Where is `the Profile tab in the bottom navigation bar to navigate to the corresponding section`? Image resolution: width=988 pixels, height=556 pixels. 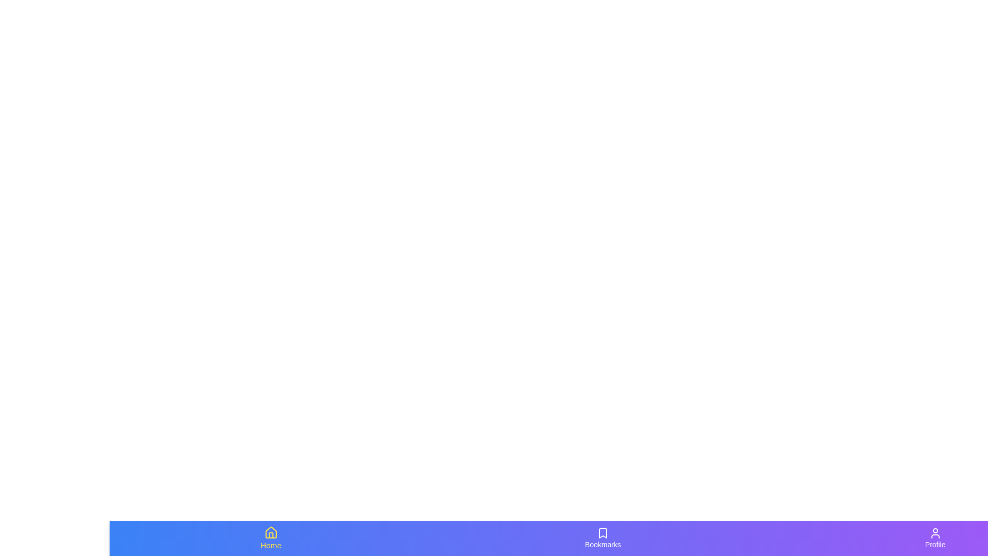 the Profile tab in the bottom navigation bar to navigate to the corresponding section is located at coordinates (936, 537).